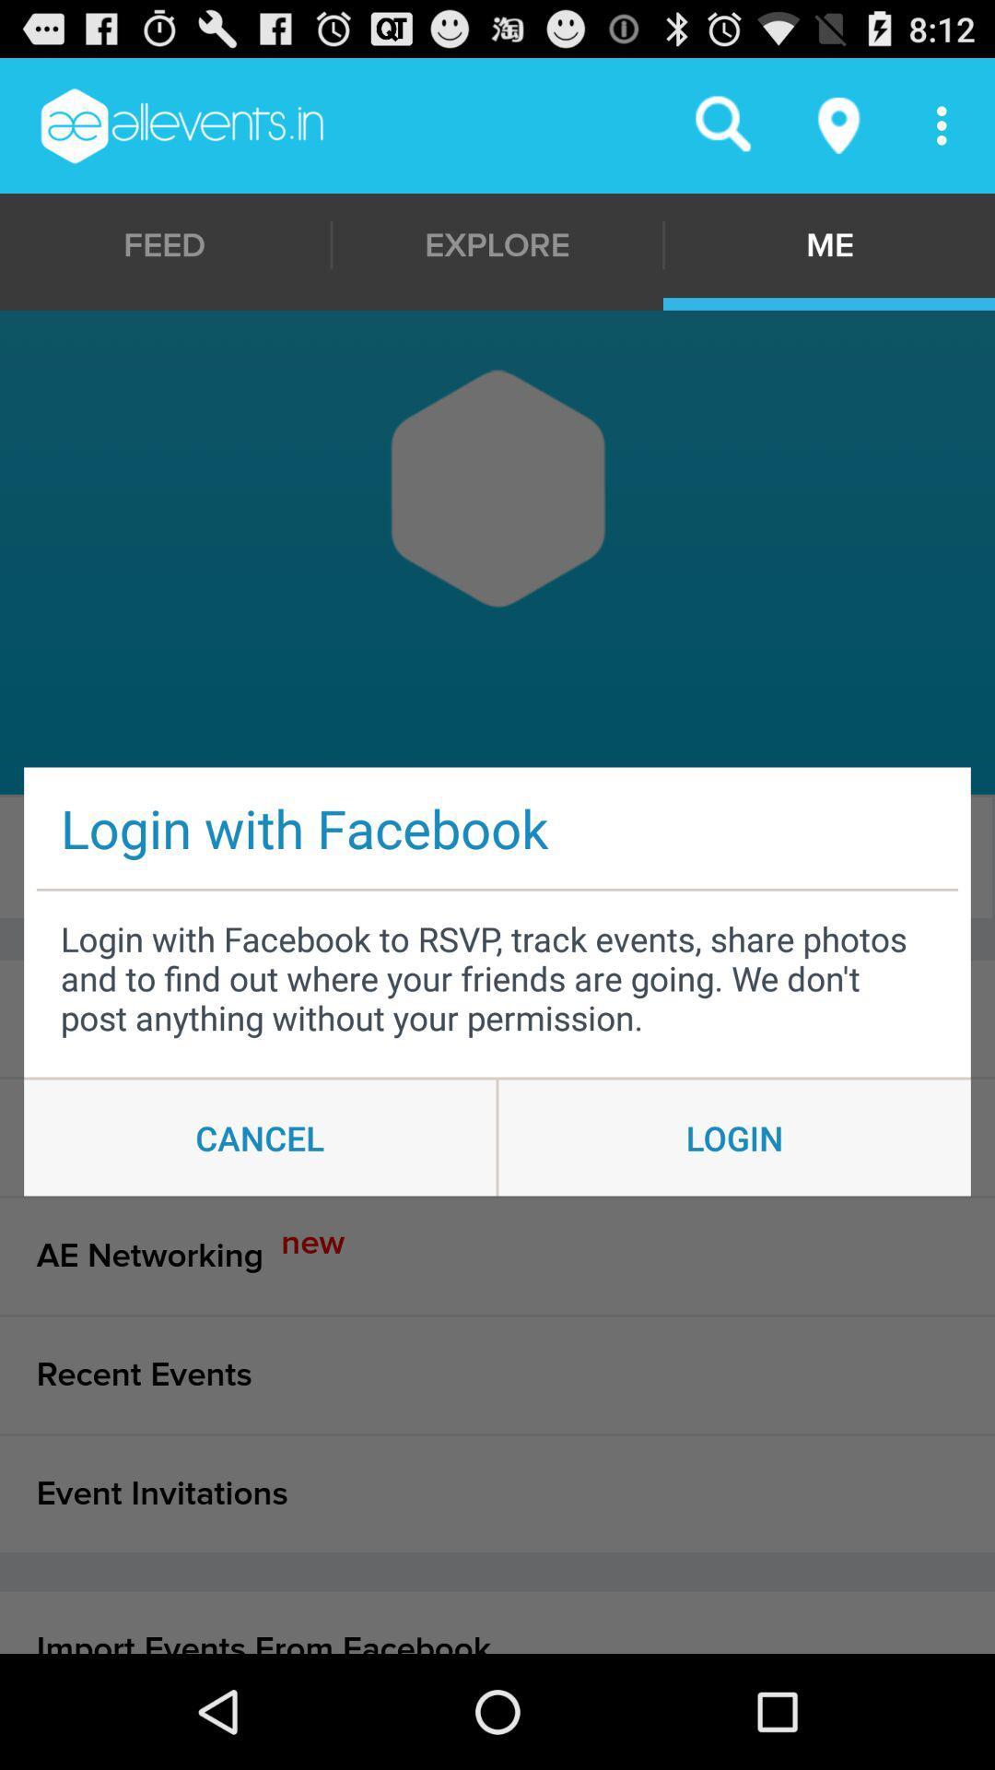  Describe the element at coordinates (492, 856) in the screenshot. I see `item to the left of the following icon` at that location.